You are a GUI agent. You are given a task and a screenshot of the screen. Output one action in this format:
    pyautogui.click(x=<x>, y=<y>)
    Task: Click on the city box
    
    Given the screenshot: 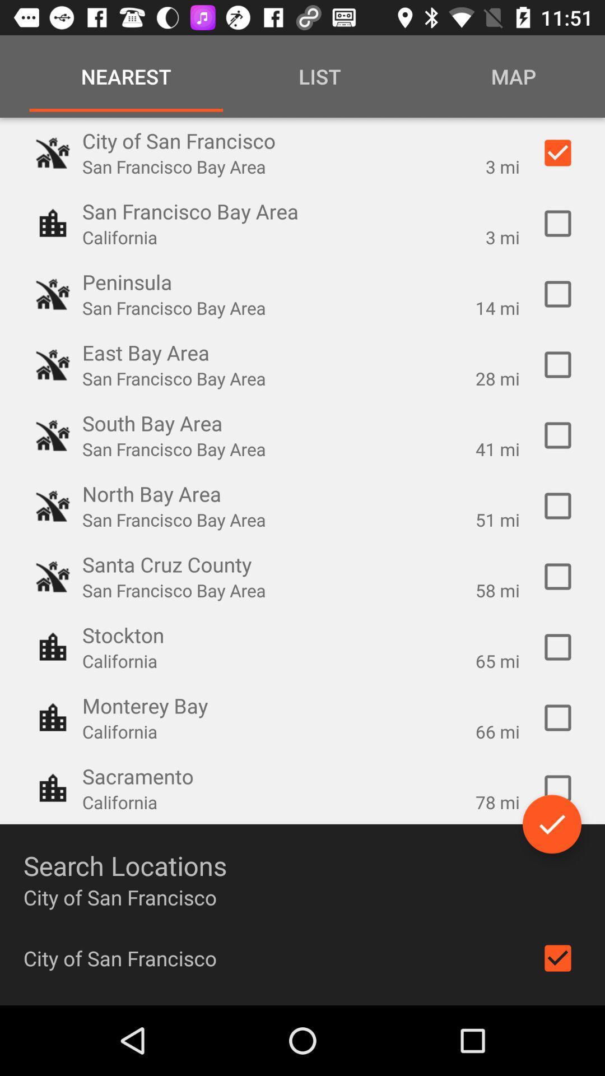 What is the action you would take?
    pyautogui.click(x=557, y=957)
    